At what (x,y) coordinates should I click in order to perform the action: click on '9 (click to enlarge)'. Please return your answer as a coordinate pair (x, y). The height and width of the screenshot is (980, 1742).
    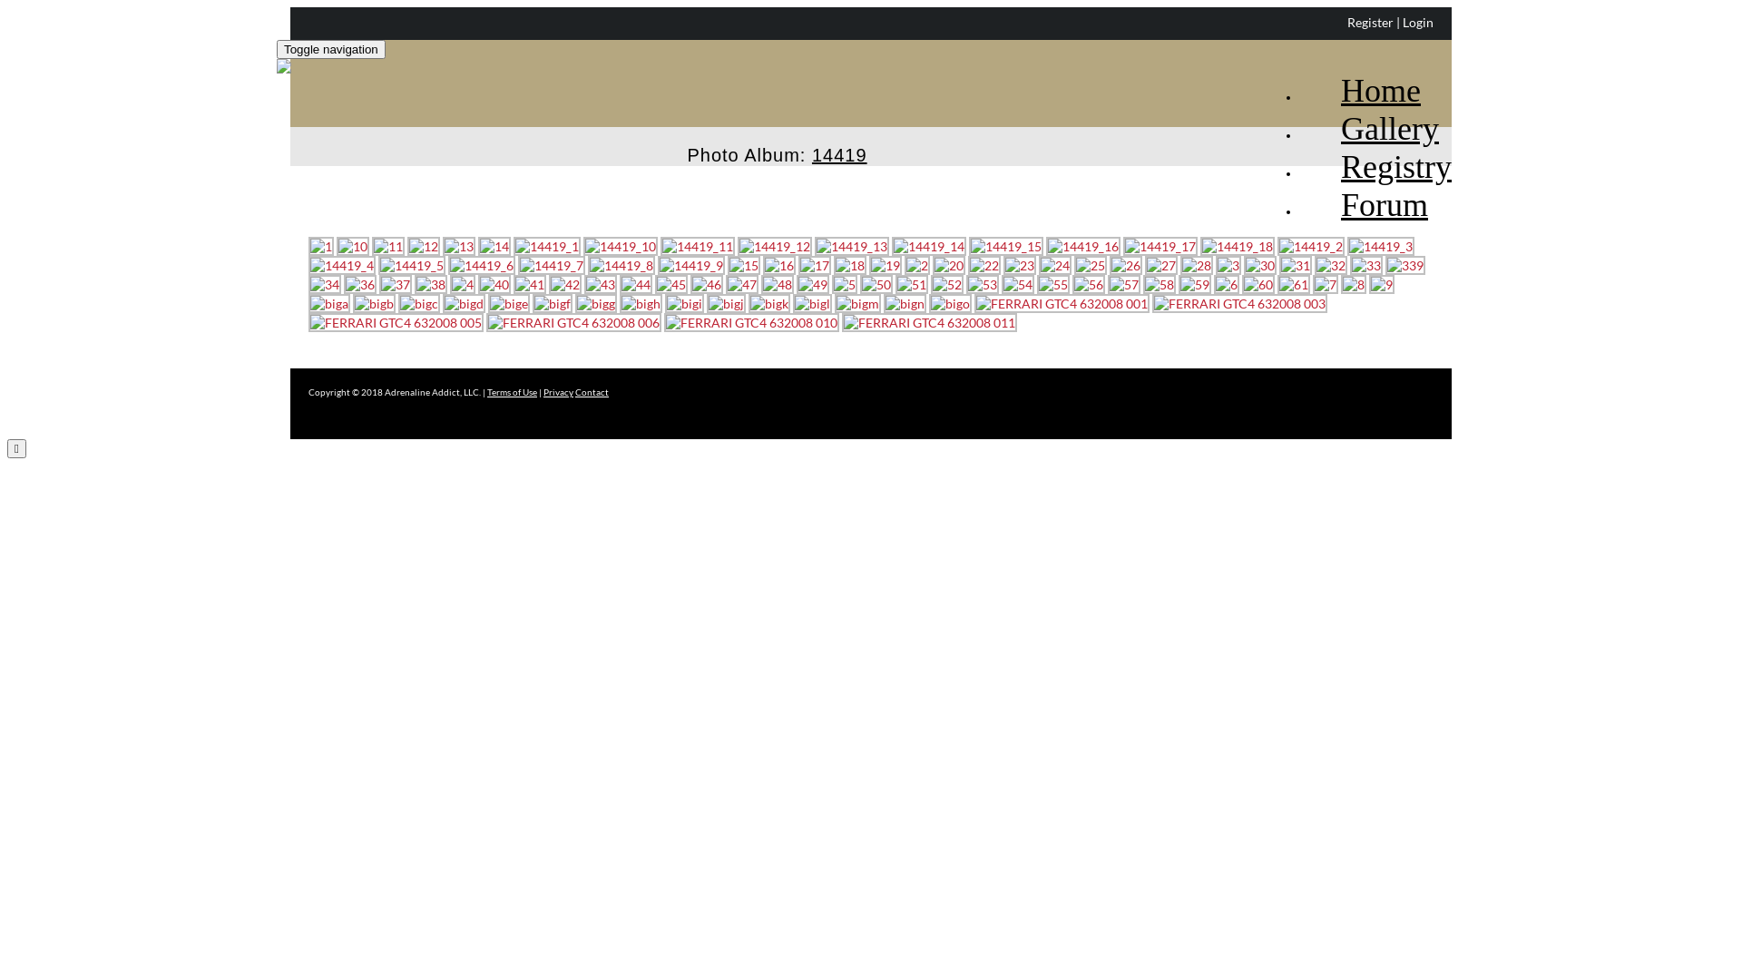
    Looking at the image, I should click on (1380, 284).